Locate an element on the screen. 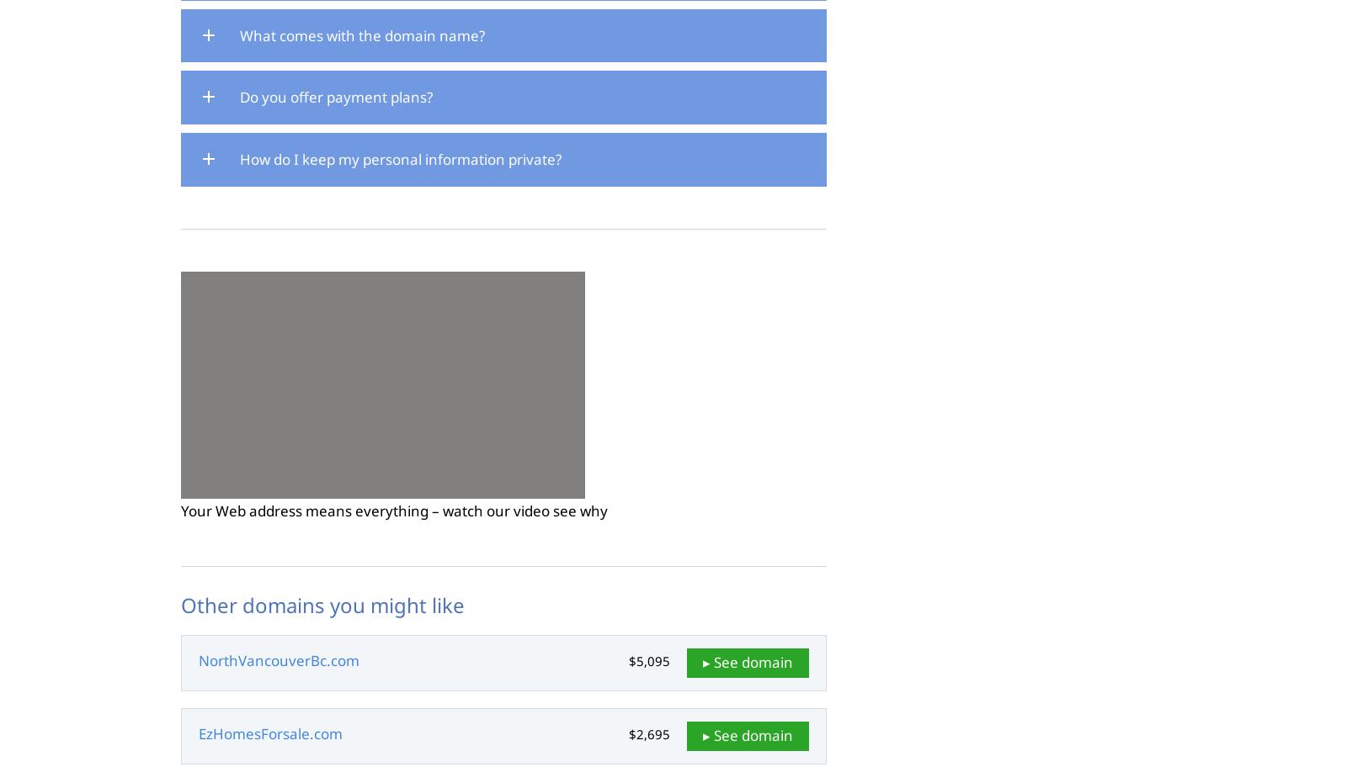  'Other domains you might like' is located at coordinates (322, 604).